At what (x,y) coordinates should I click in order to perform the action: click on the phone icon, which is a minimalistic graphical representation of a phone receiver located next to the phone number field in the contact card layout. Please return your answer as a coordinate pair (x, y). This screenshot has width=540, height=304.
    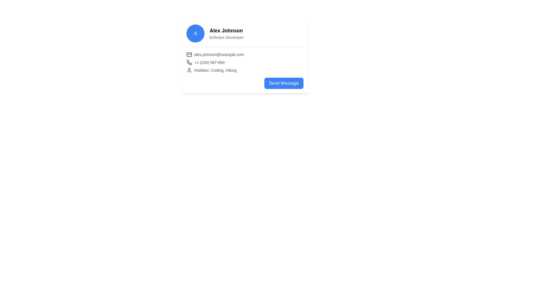
    Looking at the image, I should click on (189, 62).